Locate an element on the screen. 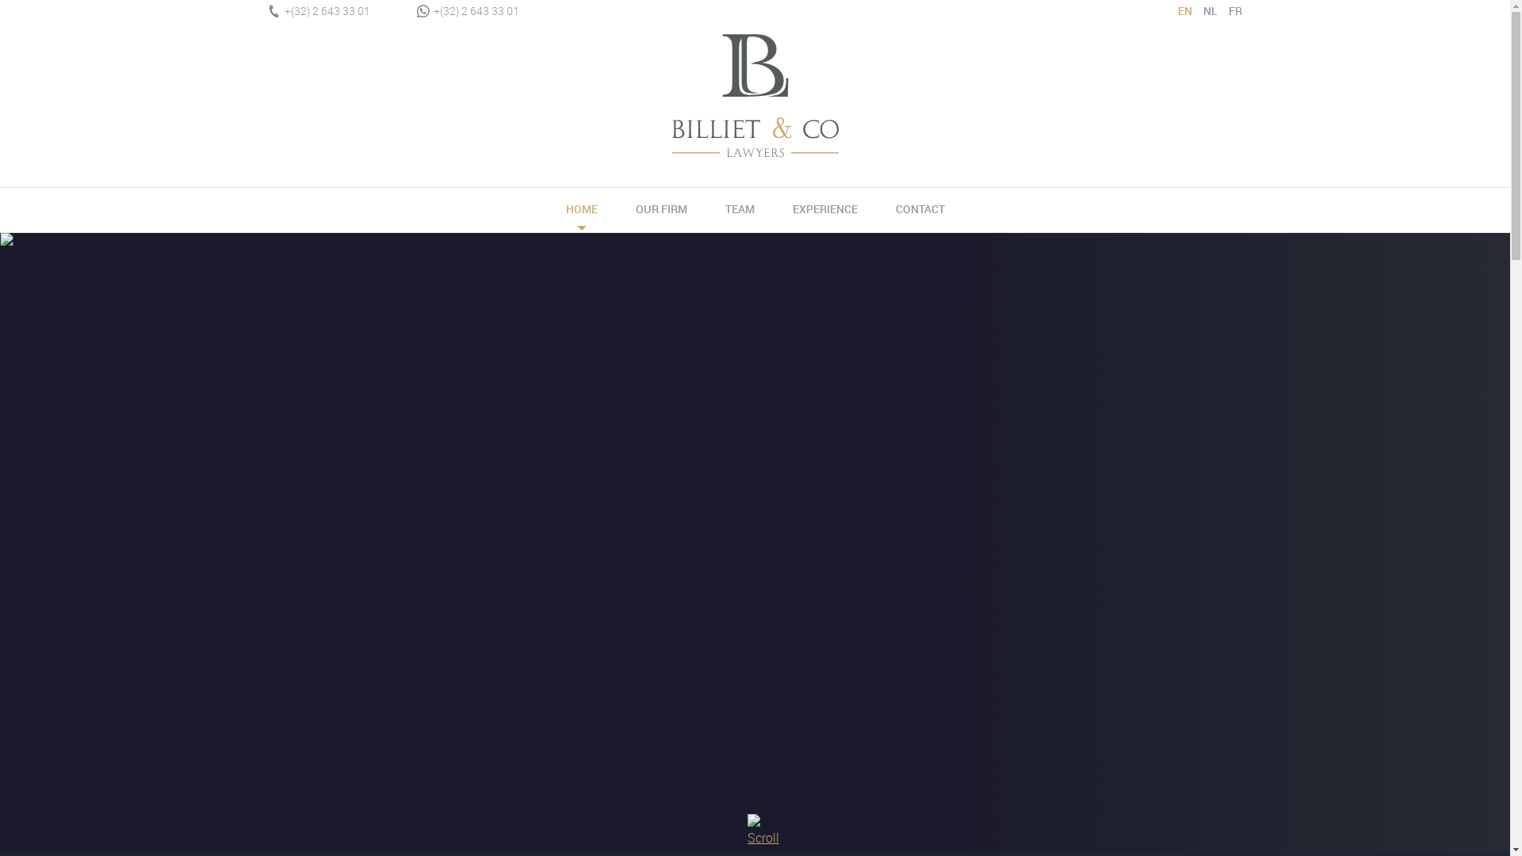 Image resolution: width=1522 pixels, height=856 pixels. 'FR' is located at coordinates (1229, 10).